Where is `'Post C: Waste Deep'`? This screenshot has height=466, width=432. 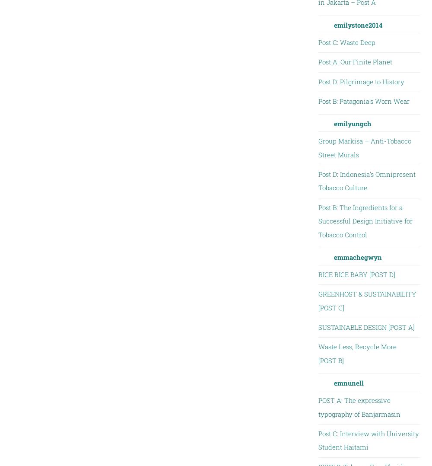
'Post C: Waste Deep' is located at coordinates (318, 41).